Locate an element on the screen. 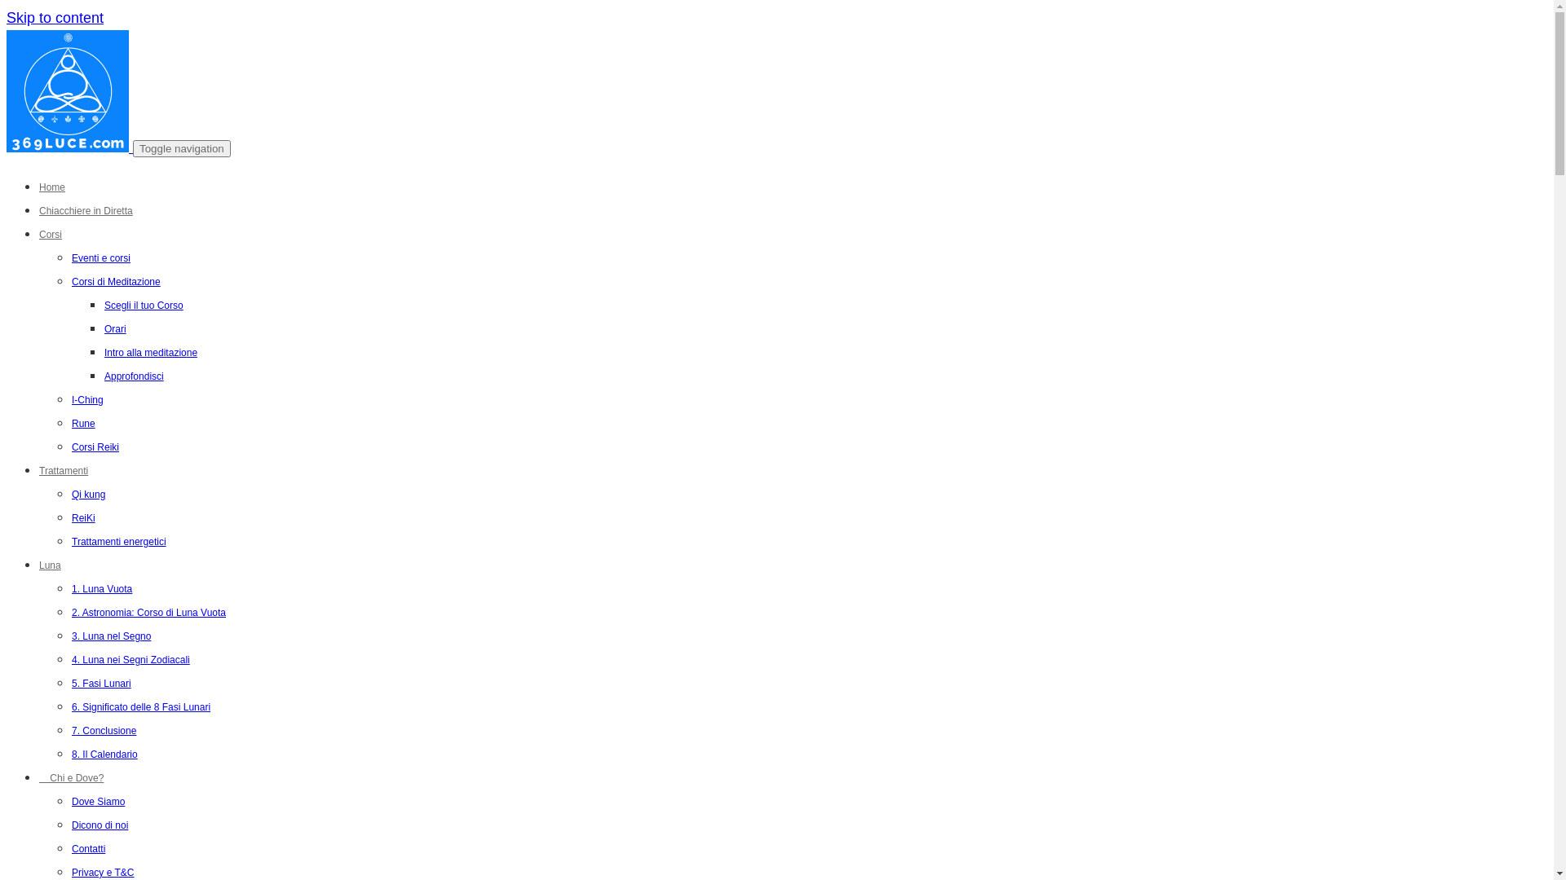 The image size is (1566, 880). 'Scegli il tuo Corso' is located at coordinates (144, 305).